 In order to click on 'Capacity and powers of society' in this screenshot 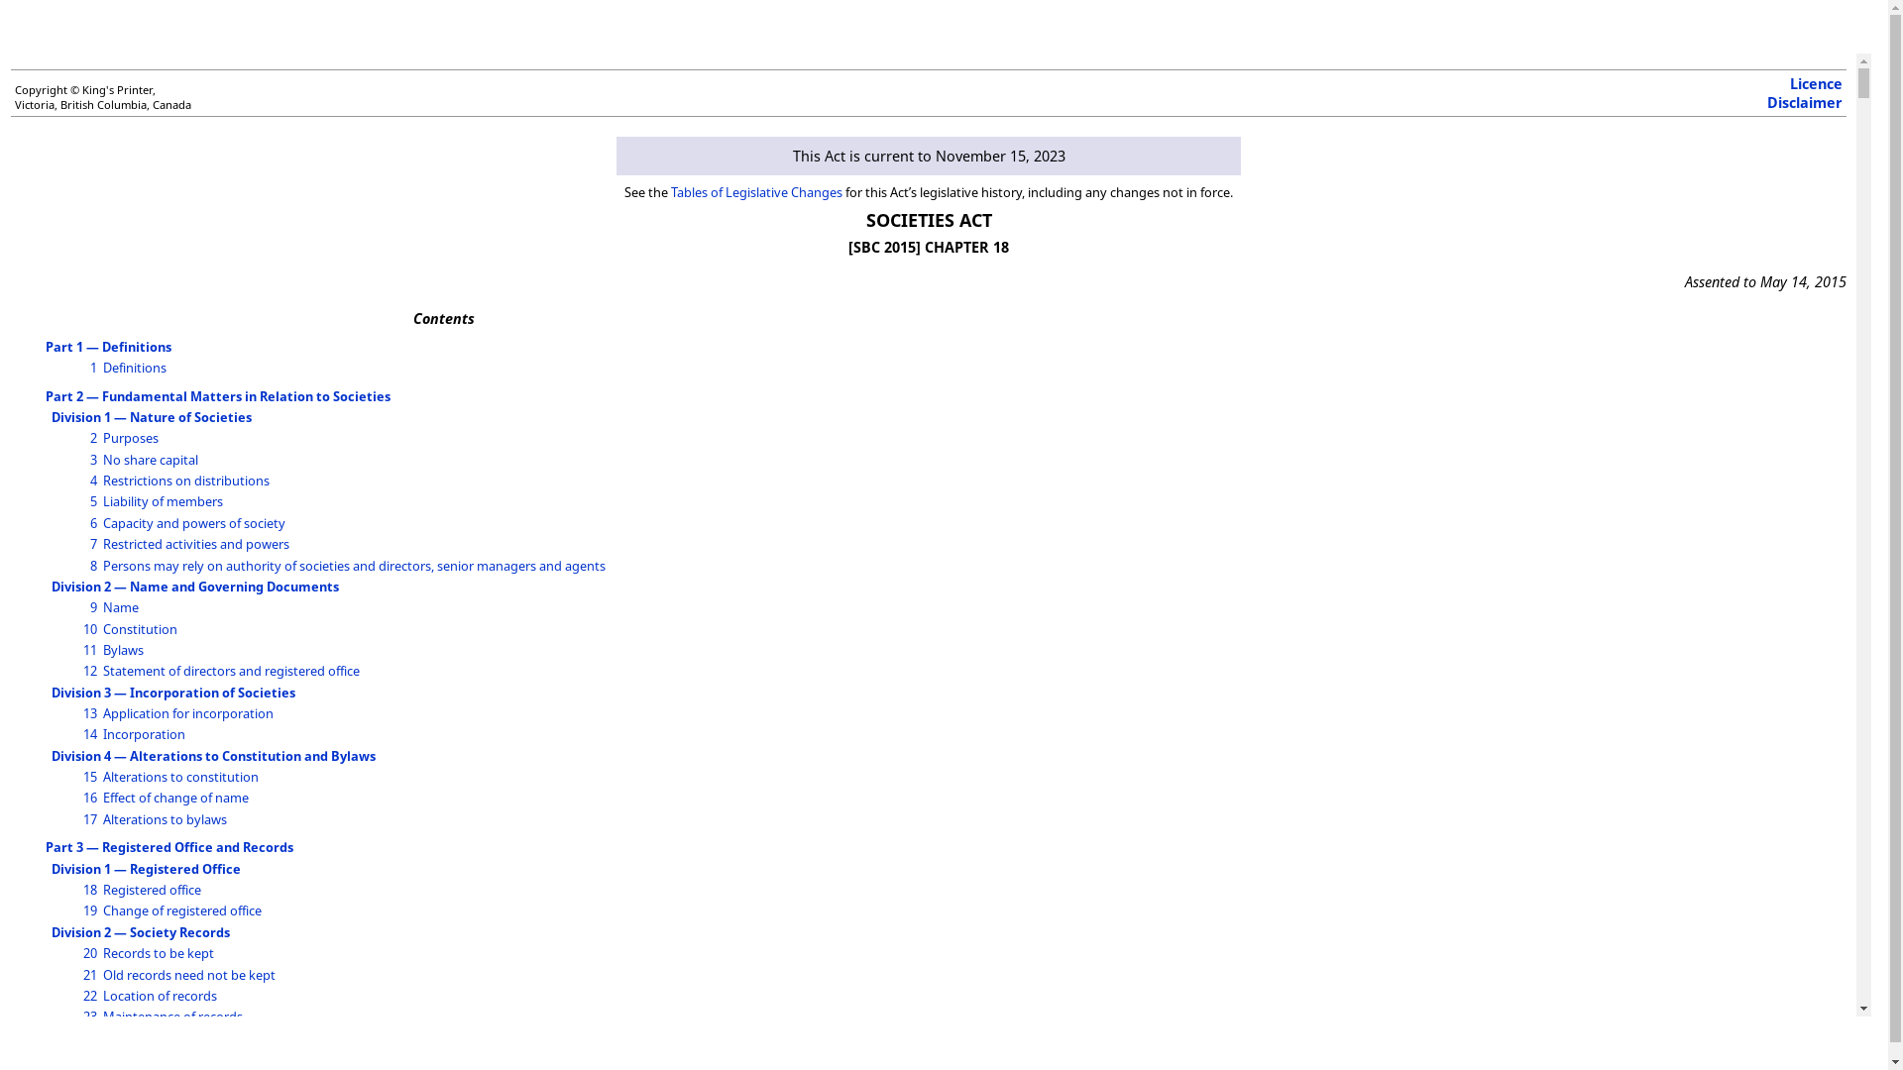, I will do `click(194, 522)`.